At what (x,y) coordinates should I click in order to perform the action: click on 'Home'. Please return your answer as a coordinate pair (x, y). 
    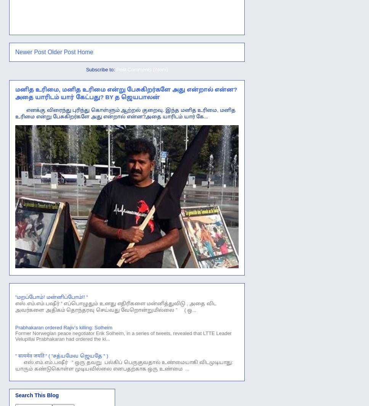
    Looking at the image, I should click on (85, 52).